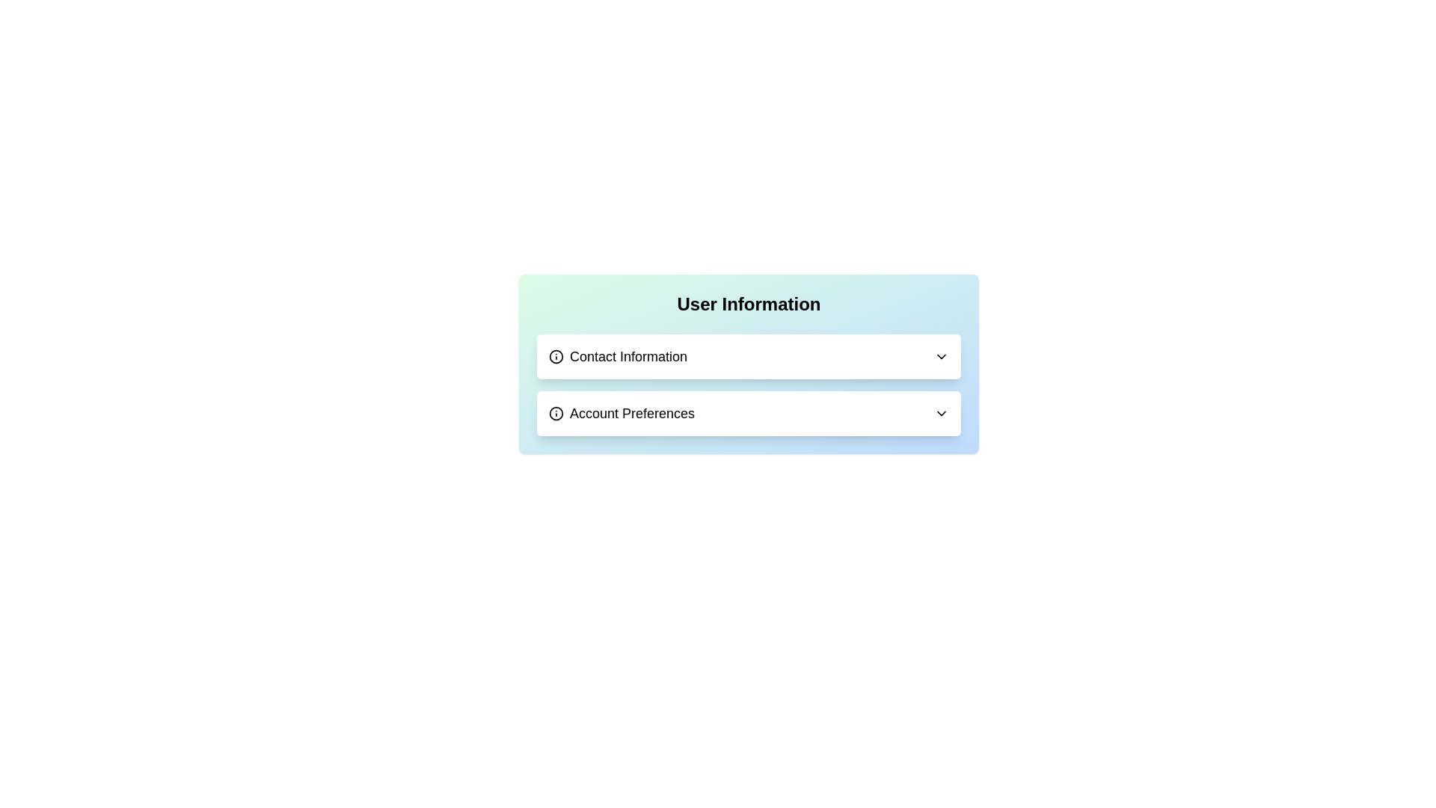 Image resolution: width=1436 pixels, height=808 pixels. I want to click on the chevron-down icon located to the far right of the 'Contact Information' section, so click(940, 357).